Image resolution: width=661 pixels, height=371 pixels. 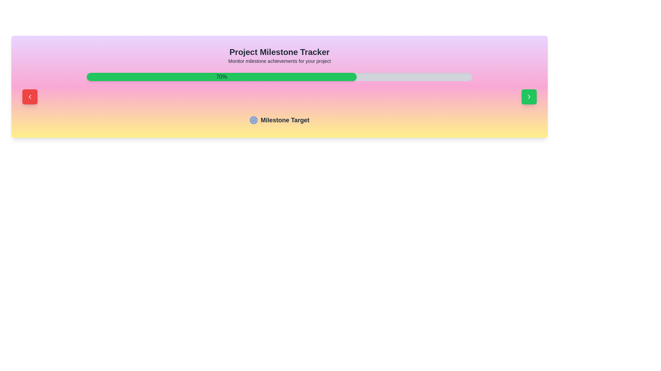 What do you see at coordinates (279, 120) in the screenshot?
I see `the label indicating a section for milestone tracking, which is horizontally centered beneath the progress bar and heading` at bounding box center [279, 120].